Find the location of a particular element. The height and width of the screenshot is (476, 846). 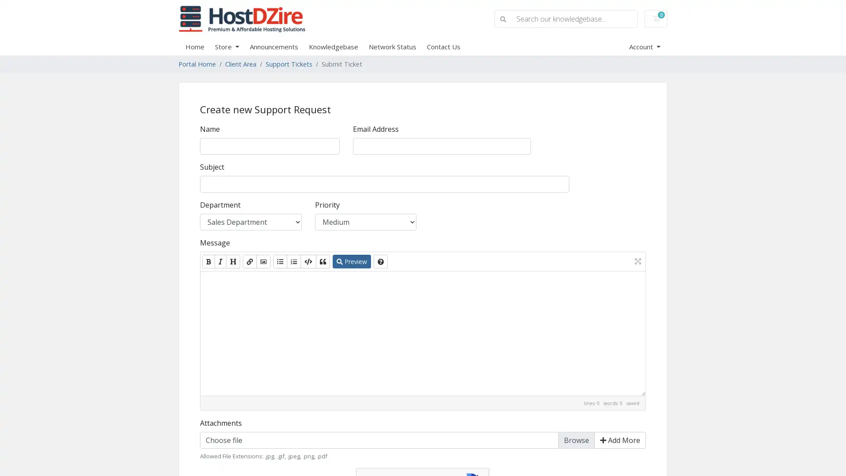

Choose File is located at coordinates (222, 439).